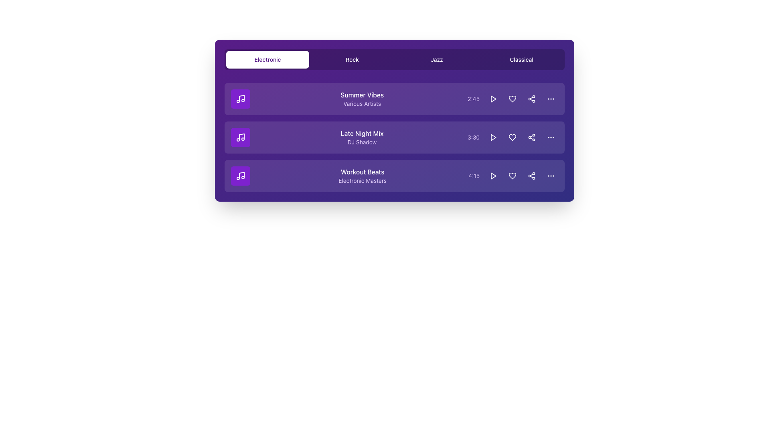 This screenshot has width=770, height=433. I want to click on the triangular play icon located in the second row of the playlist, positioned to the right of the time duration '3:30' and to the left of the heart icon, to play the track, so click(493, 98).